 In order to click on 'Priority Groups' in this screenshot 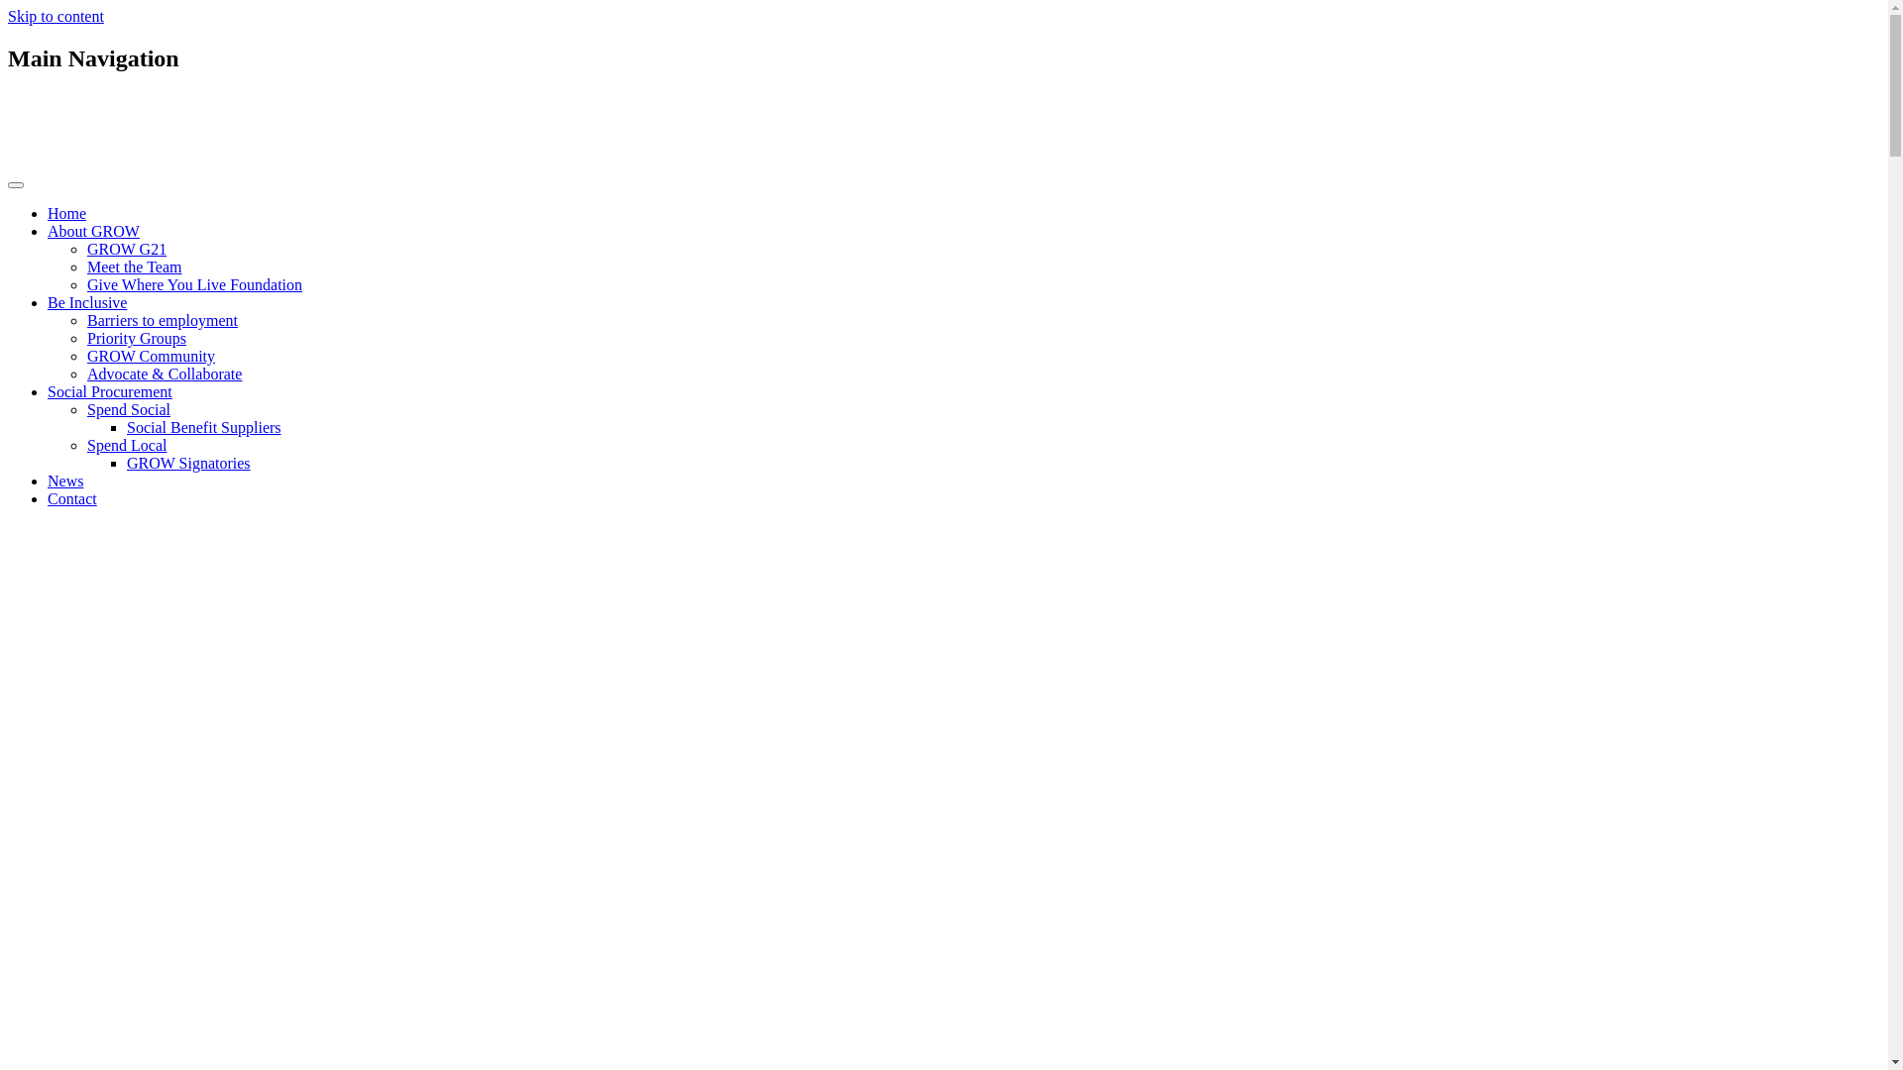, I will do `click(136, 337)`.